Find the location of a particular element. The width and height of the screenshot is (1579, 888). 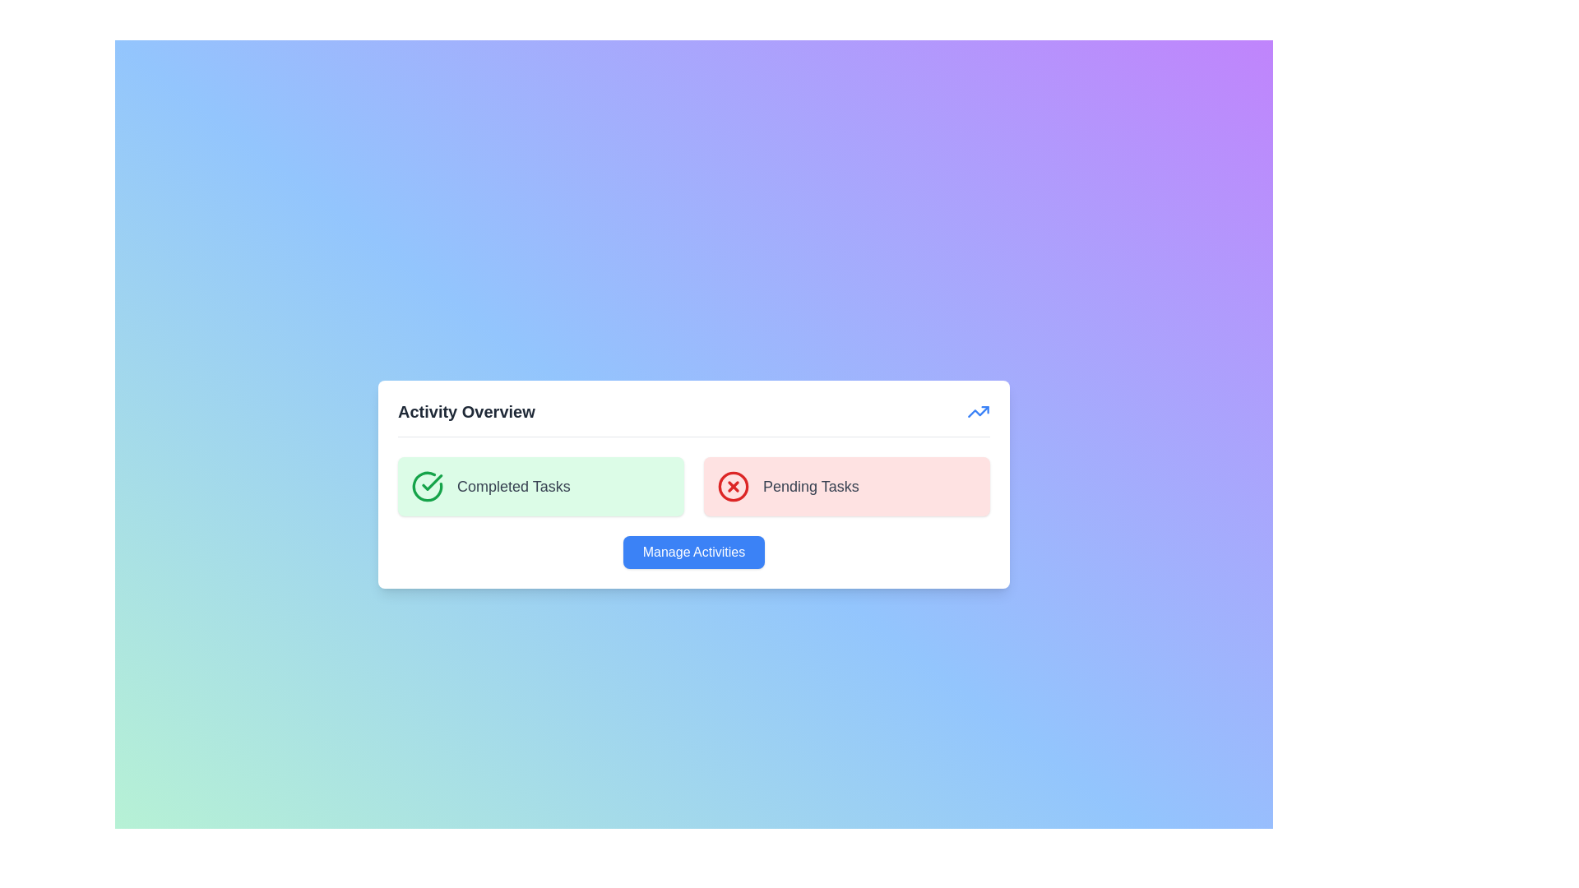

the status indicator icon representing completed tasks, located in the green panel on the left side of the 'Activity Overview' section, above the 'Completed Tasks' text is located at coordinates (432, 481).